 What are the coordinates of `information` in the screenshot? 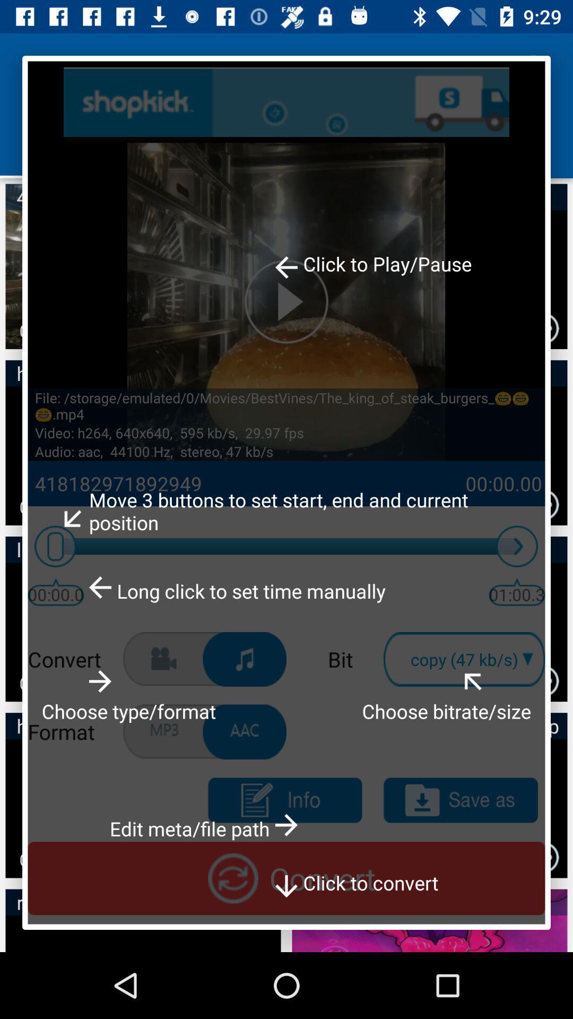 It's located at (284, 800).